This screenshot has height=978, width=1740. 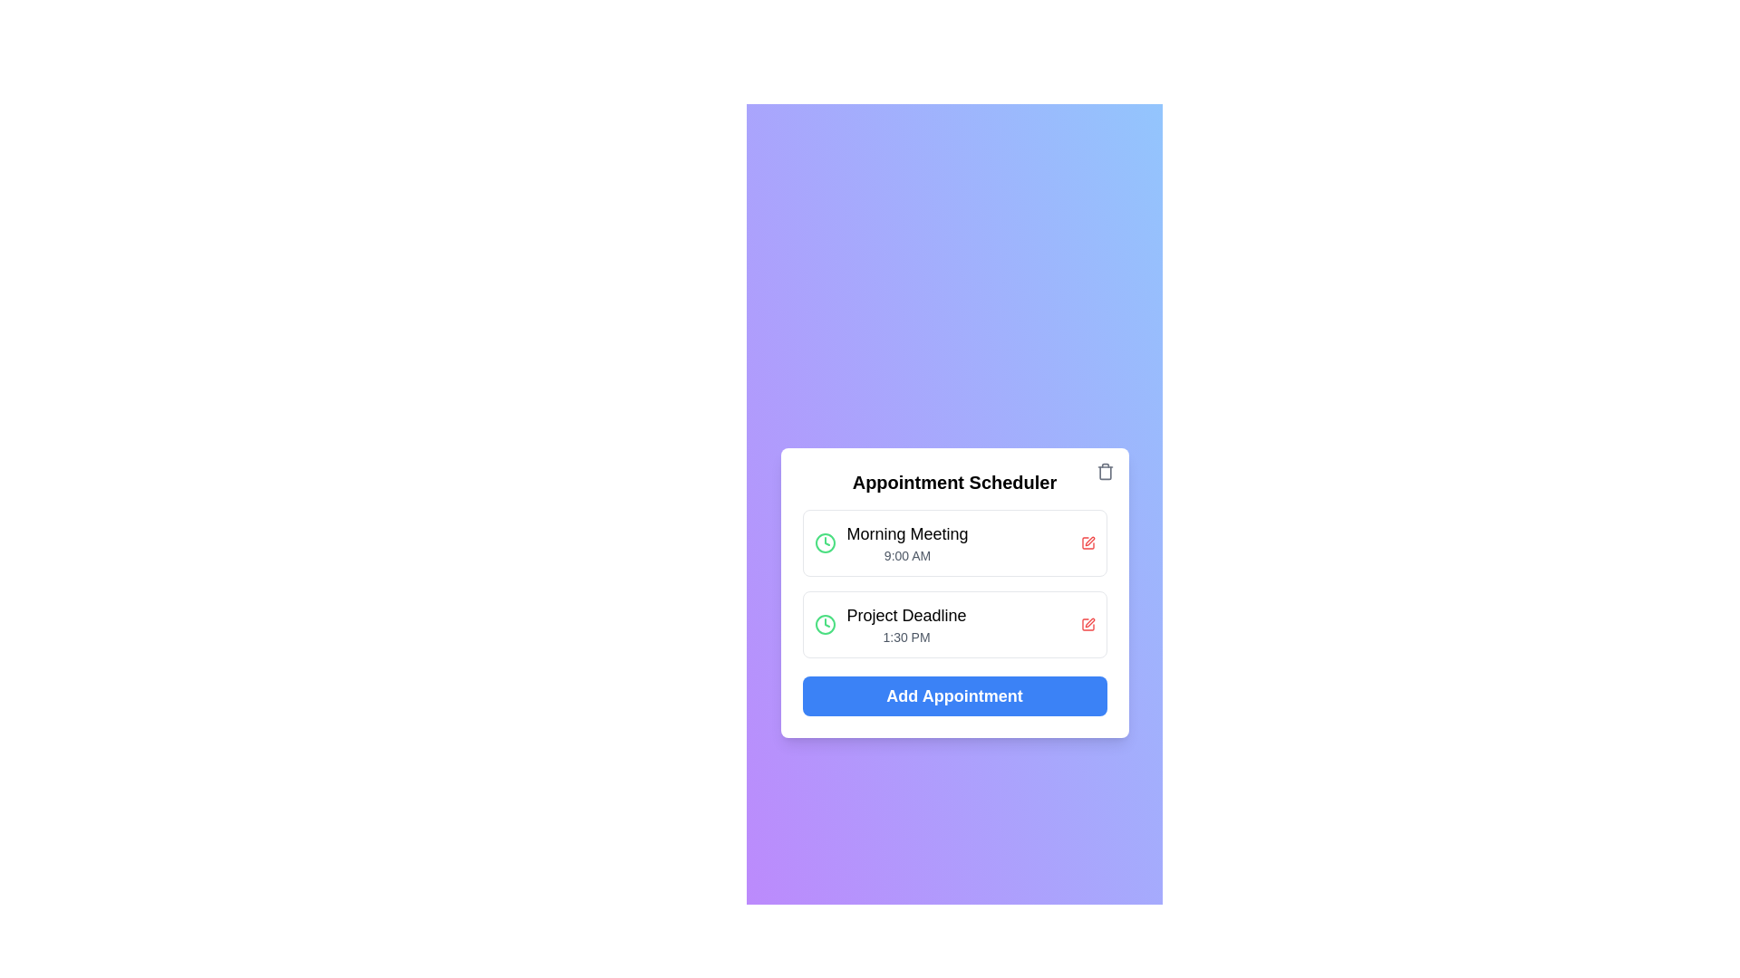 I want to click on the interactive edit icon located on the right side of the 'Morning Meeting' event panel to initiate the editing process, so click(x=1087, y=542).